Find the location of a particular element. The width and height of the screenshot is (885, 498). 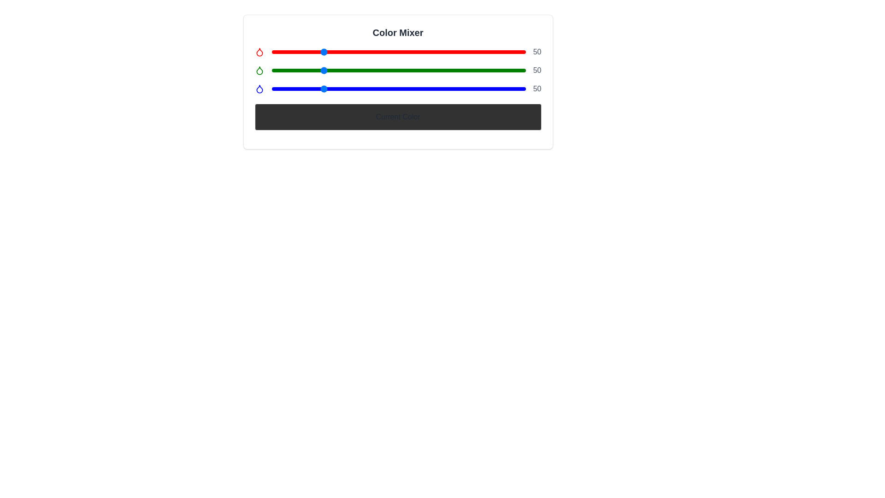

the green color slider to 125 is located at coordinates (396, 70).